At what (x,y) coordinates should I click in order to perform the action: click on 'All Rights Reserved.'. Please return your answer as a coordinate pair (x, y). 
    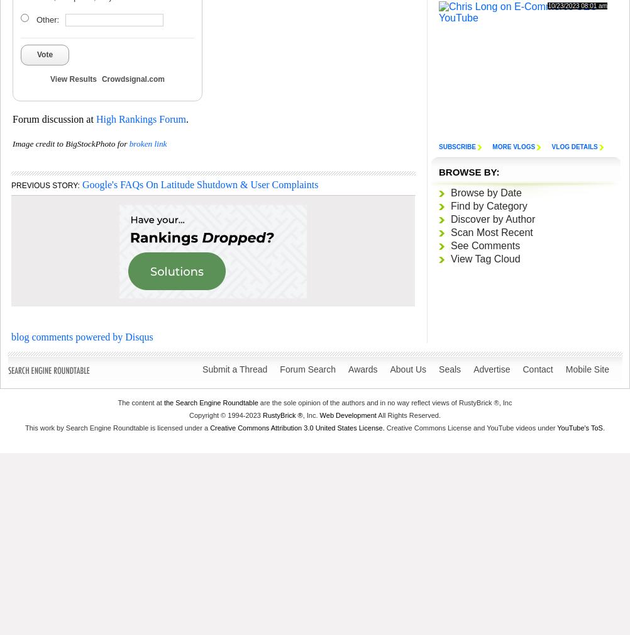
    Looking at the image, I should click on (407, 414).